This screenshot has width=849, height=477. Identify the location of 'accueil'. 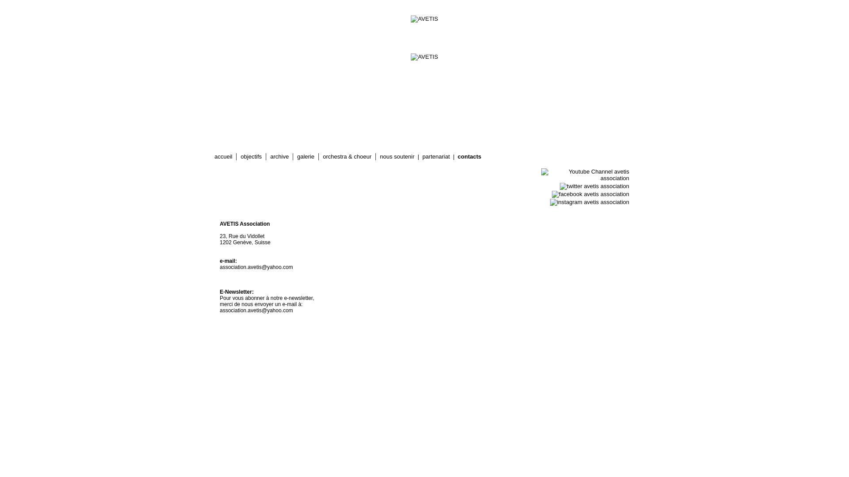
(223, 156).